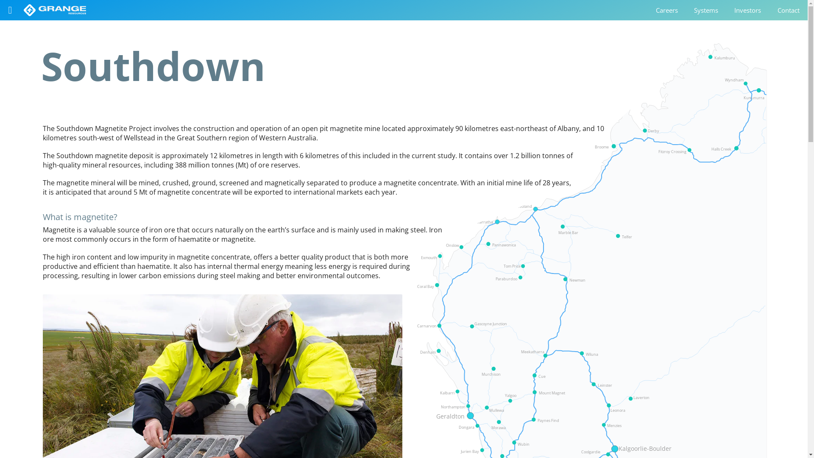 Image resolution: width=814 pixels, height=458 pixels. What do you see at coordinates (706, 10) in the screenshot?
I see `'Systems'` at bounding box center [706, 10].